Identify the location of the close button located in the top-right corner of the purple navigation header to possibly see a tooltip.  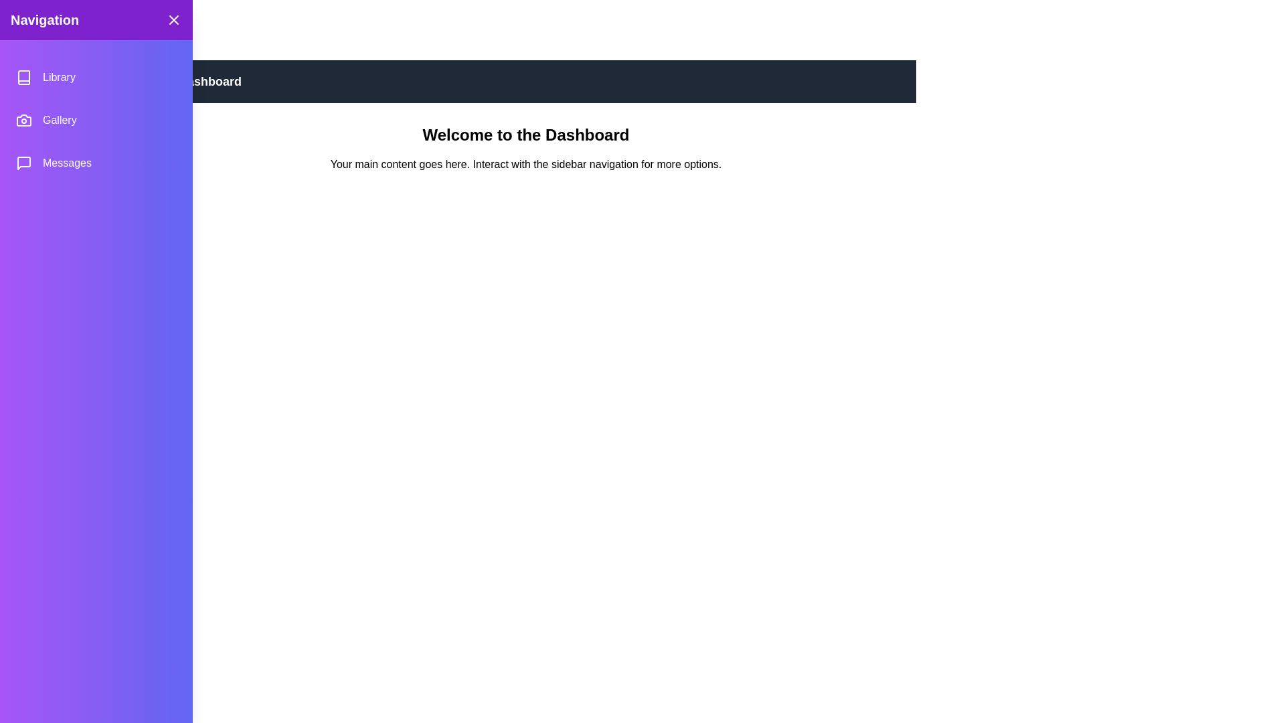
(173, 20).